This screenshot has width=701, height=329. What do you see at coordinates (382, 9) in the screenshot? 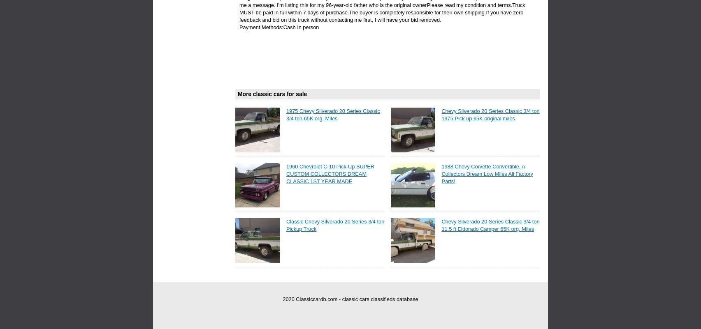
I see `'Truck MUST be paid in full within 7 days of purchase.'` at bounding box center [382, 9].